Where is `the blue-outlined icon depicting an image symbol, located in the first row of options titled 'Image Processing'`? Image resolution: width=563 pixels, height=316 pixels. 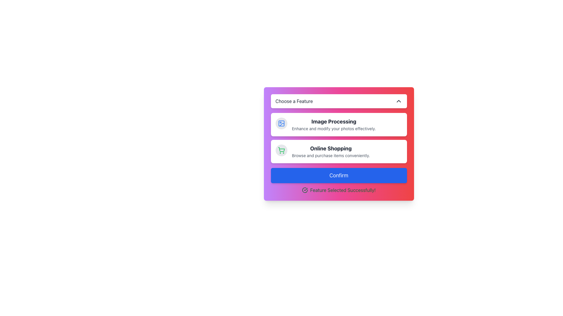 the blue-outlined icon depicting an image symbol, located in the first row of options titled 'Image Processing' is located at coordinates (281, 123).